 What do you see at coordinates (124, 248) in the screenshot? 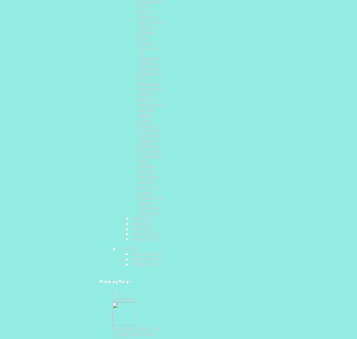
I see `'2011'` at bounding box center [124, 248].